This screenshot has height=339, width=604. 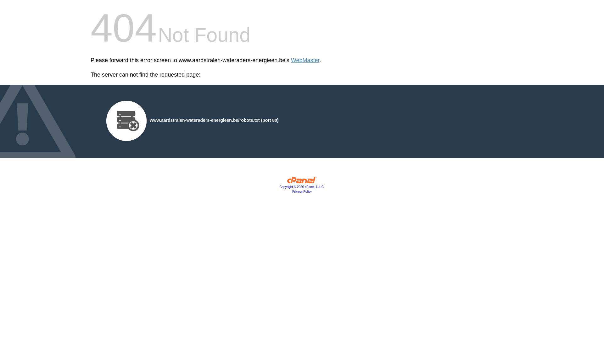 What do you see at coordinates (302, 181) in the screenshot?
I see `'cPanel, Inc.'` at bounding box center [302, 181].